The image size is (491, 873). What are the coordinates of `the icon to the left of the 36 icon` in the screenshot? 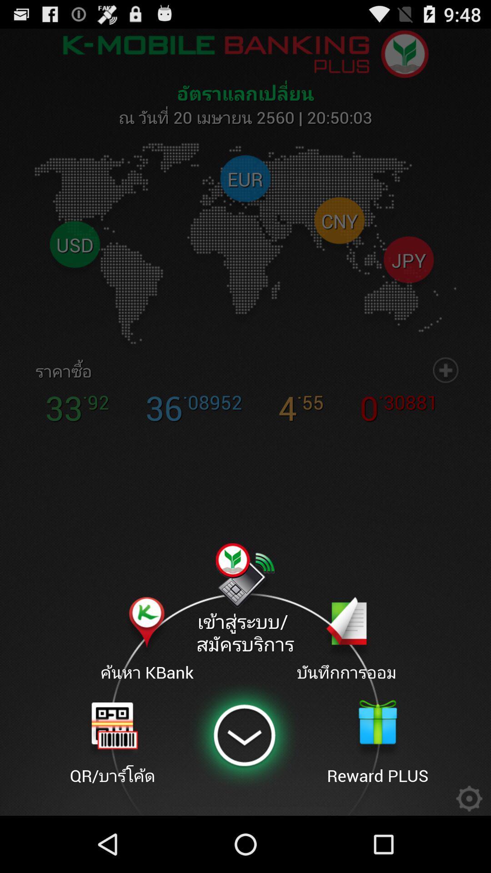 It's located at (58, 371).